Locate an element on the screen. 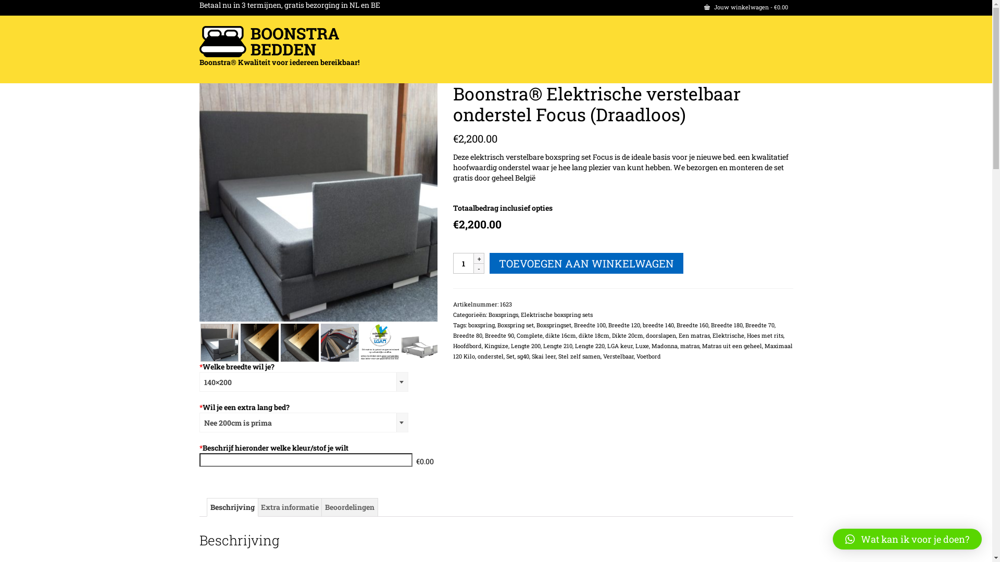 The width and height of the screenshot is (1000, 562). 'Breedte 70' is located at coordinates (760, 324).